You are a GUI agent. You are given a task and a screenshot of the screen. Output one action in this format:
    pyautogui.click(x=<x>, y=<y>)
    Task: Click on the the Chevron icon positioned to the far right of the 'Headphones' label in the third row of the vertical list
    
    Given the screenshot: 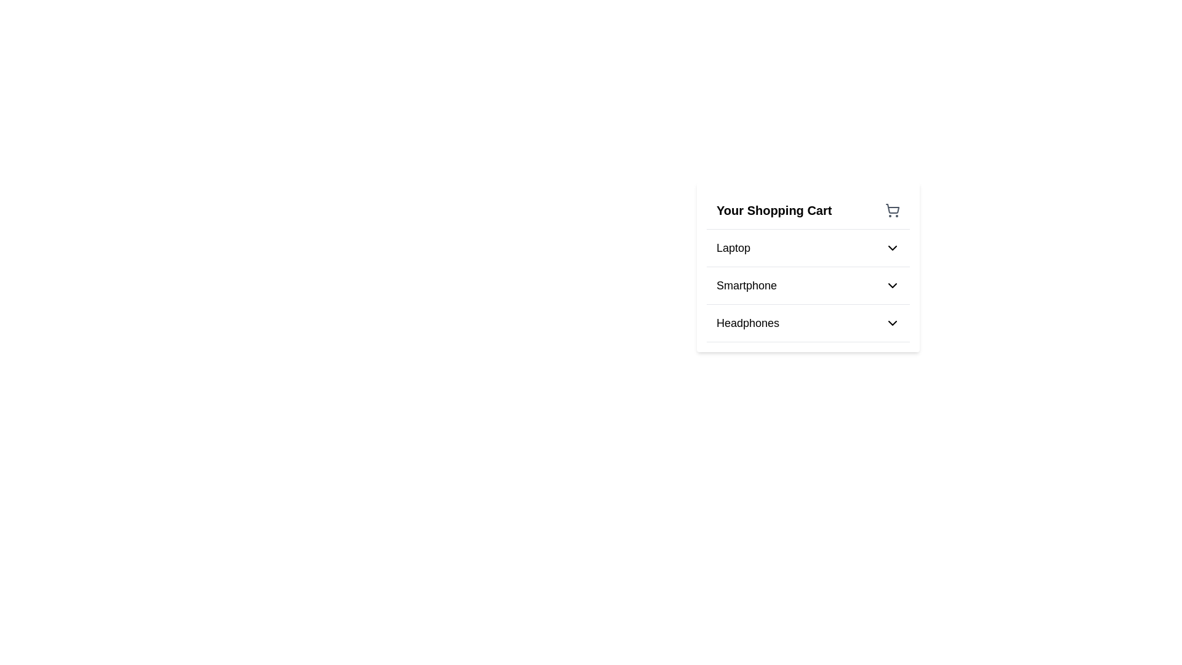 What is the action you would take?
    pyautogui.click(x=892, y=322)
    